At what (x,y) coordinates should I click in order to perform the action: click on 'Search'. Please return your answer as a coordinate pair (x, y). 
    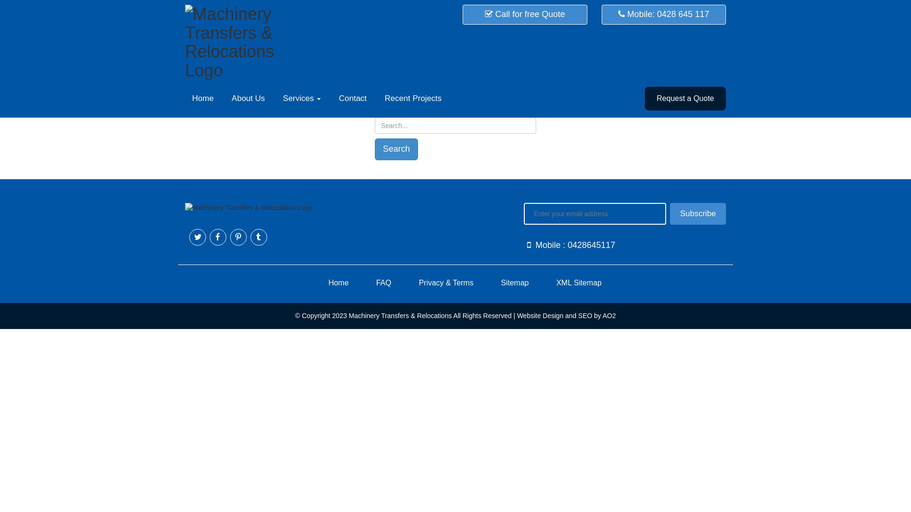
    Looking at the image, I should click on (396, 149).